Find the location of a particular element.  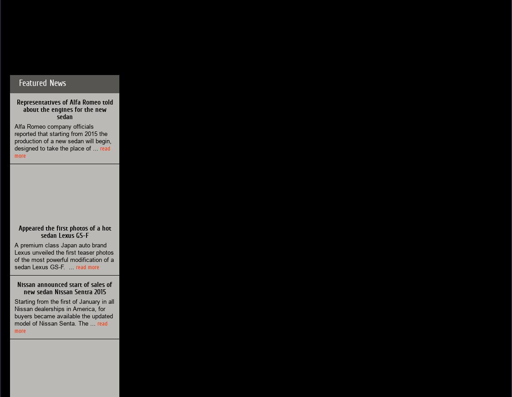

'Nissan announced start of sales of new sedan Nissan Sentra 2015' is located at coordinates (64, 288).